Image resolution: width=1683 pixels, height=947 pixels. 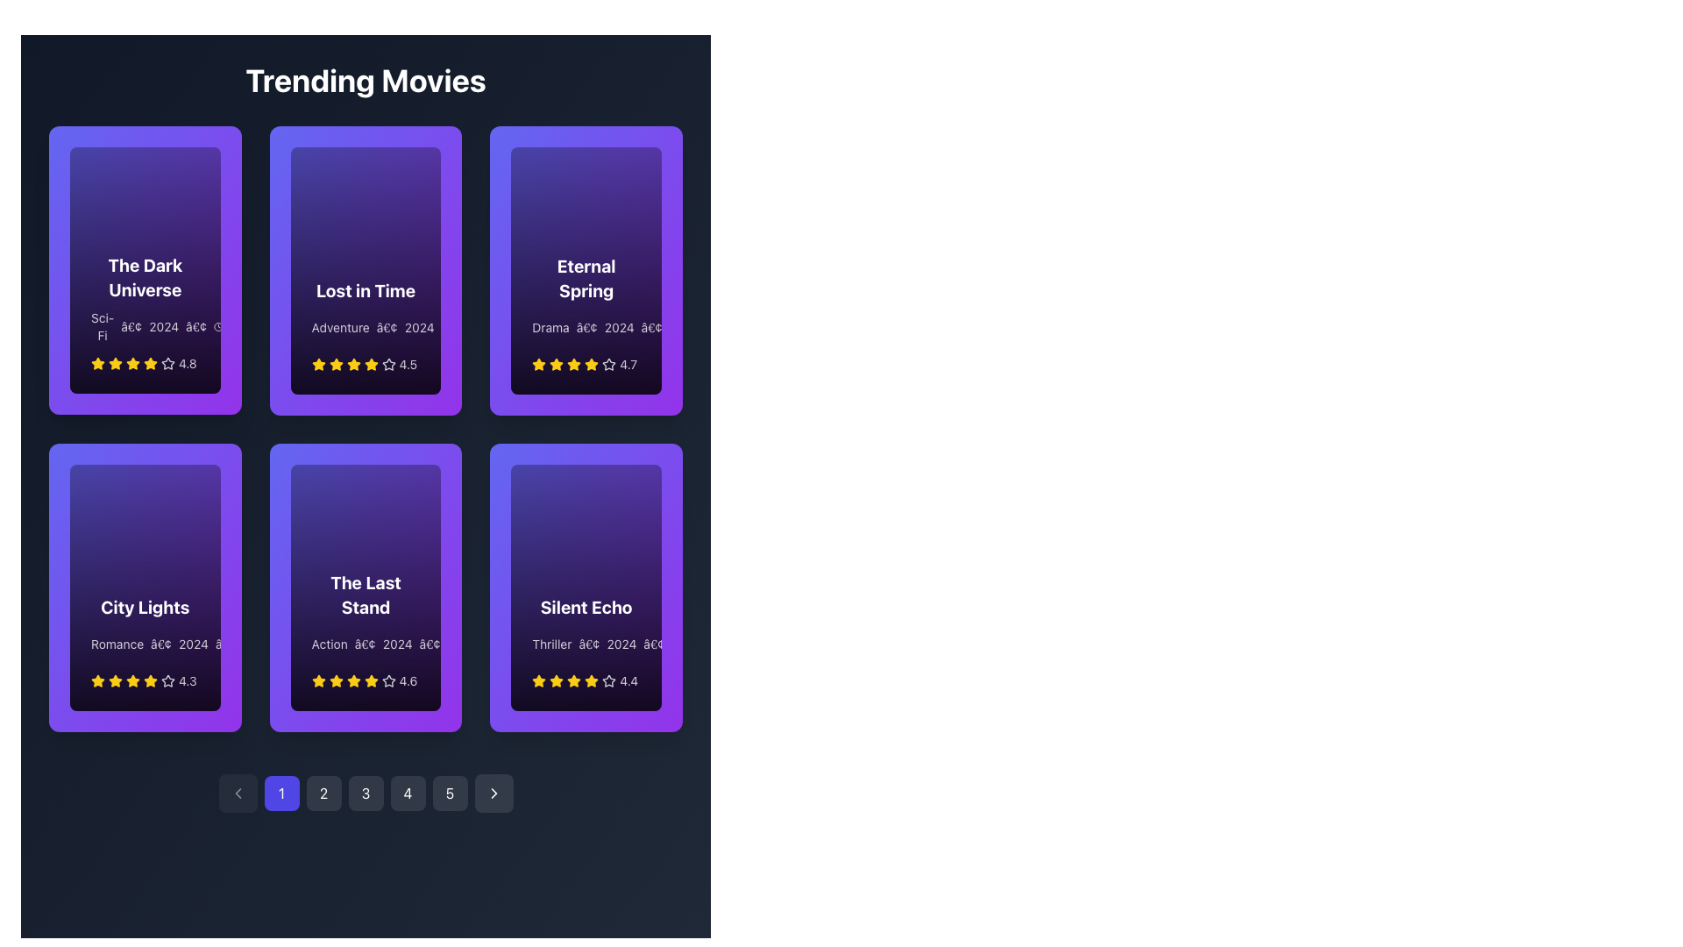 I want to click on the second star in the movie rating system for 'Lost in Time' located in the 'Trending Movies' section to interact with it, so click(x=336, y=363).